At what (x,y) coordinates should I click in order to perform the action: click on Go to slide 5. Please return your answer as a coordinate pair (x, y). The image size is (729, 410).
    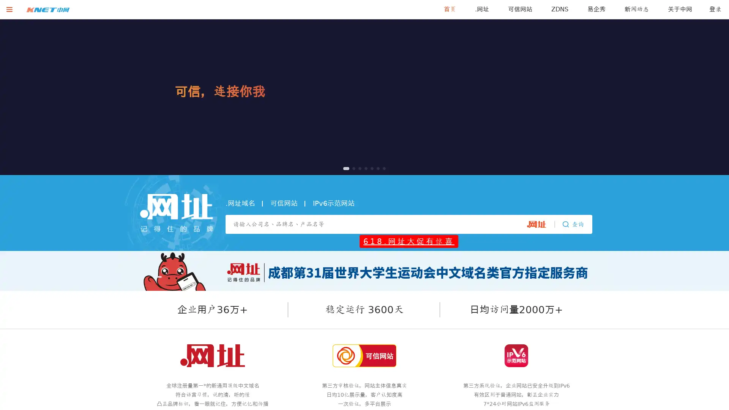
    Looking at the image, I should click on (369, 168).